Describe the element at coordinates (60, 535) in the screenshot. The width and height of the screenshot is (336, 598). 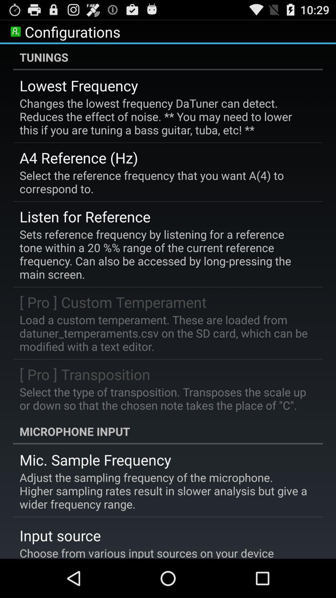
I see `the input source app` at that location.